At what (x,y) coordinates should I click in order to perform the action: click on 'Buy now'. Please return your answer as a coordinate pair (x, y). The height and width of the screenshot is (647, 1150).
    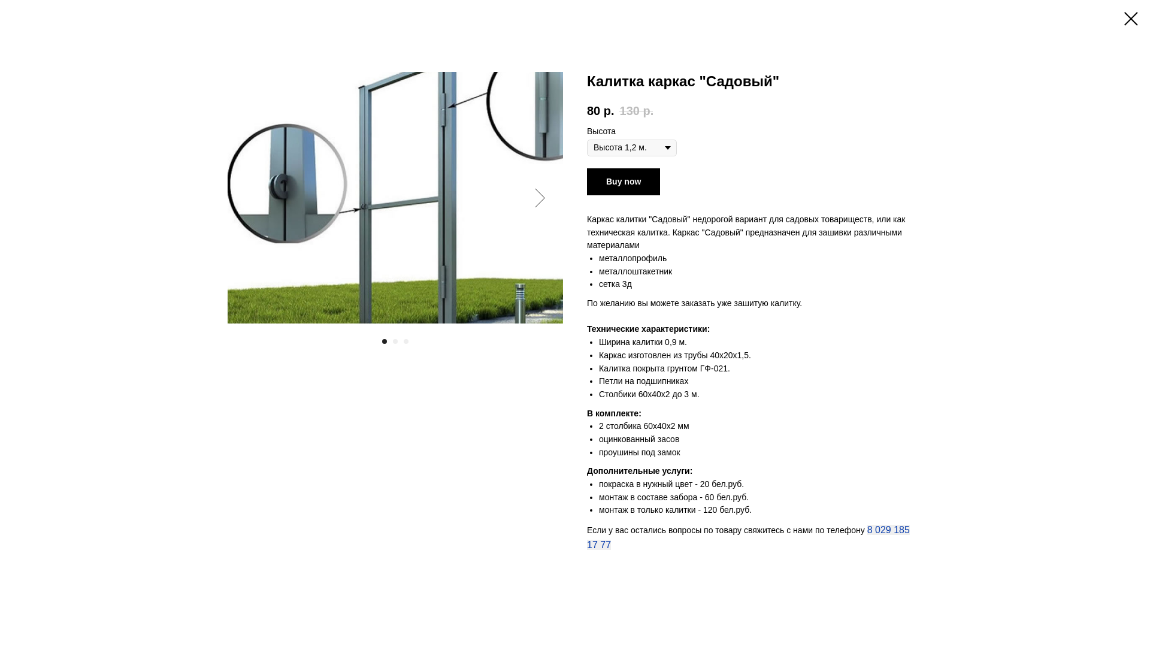
    Looking at the image, I should click on (586, 182).